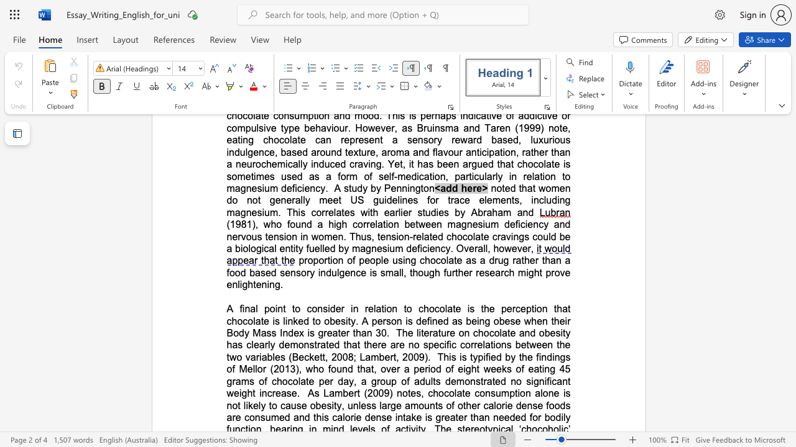 The width and height of the screenshot is (796, 447). What do you see at coordinates (251, 345) in the screenshot?
I see `the subset text "learly" within the text "The literature on chocolate and obesity has clearly"` at bounding box center [251, 345].